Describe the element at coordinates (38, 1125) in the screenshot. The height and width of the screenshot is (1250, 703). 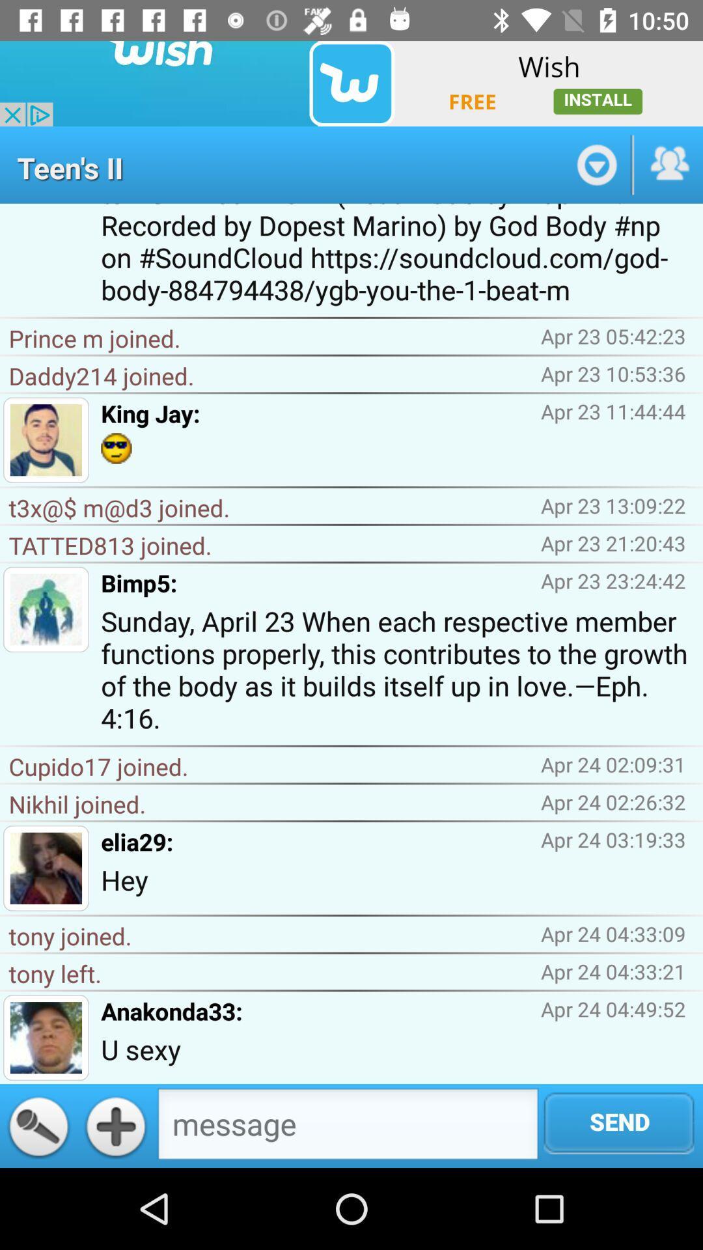
I see `translate the word` at that location.